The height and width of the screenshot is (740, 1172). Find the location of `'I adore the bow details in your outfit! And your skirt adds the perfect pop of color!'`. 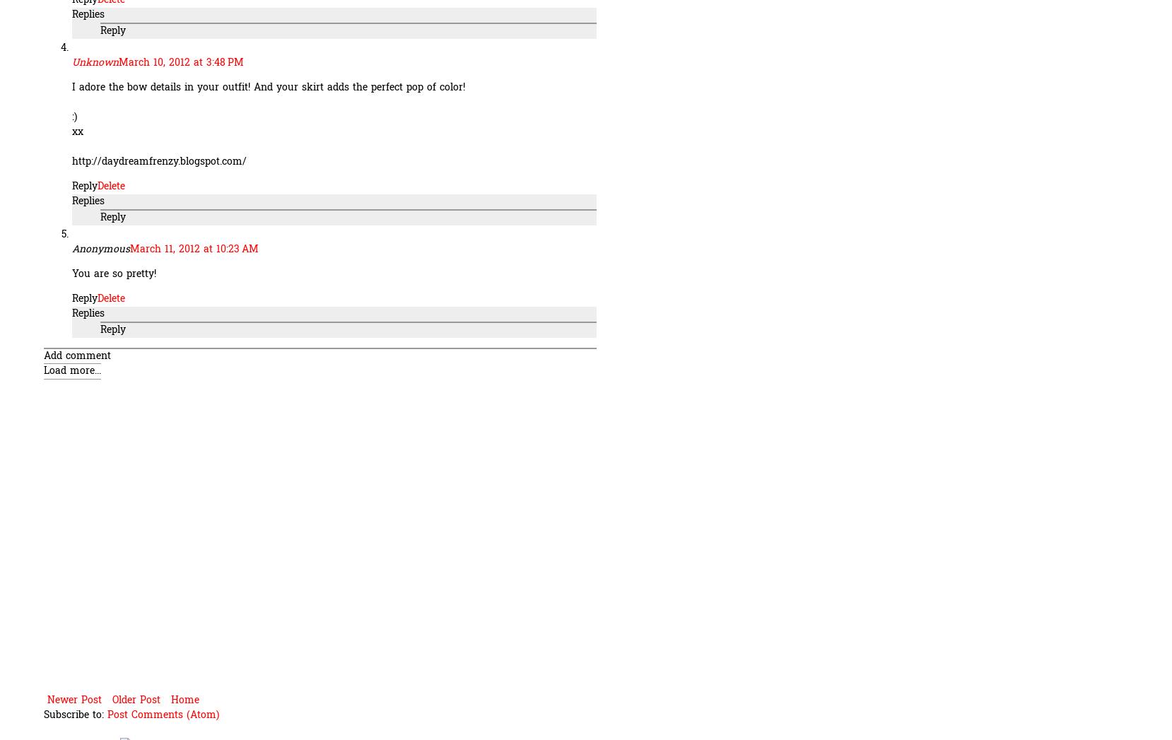

'I adore the bow details in your outfit! And your skirt adds the perfect pop of color!' is located at coordinates (268, 86).